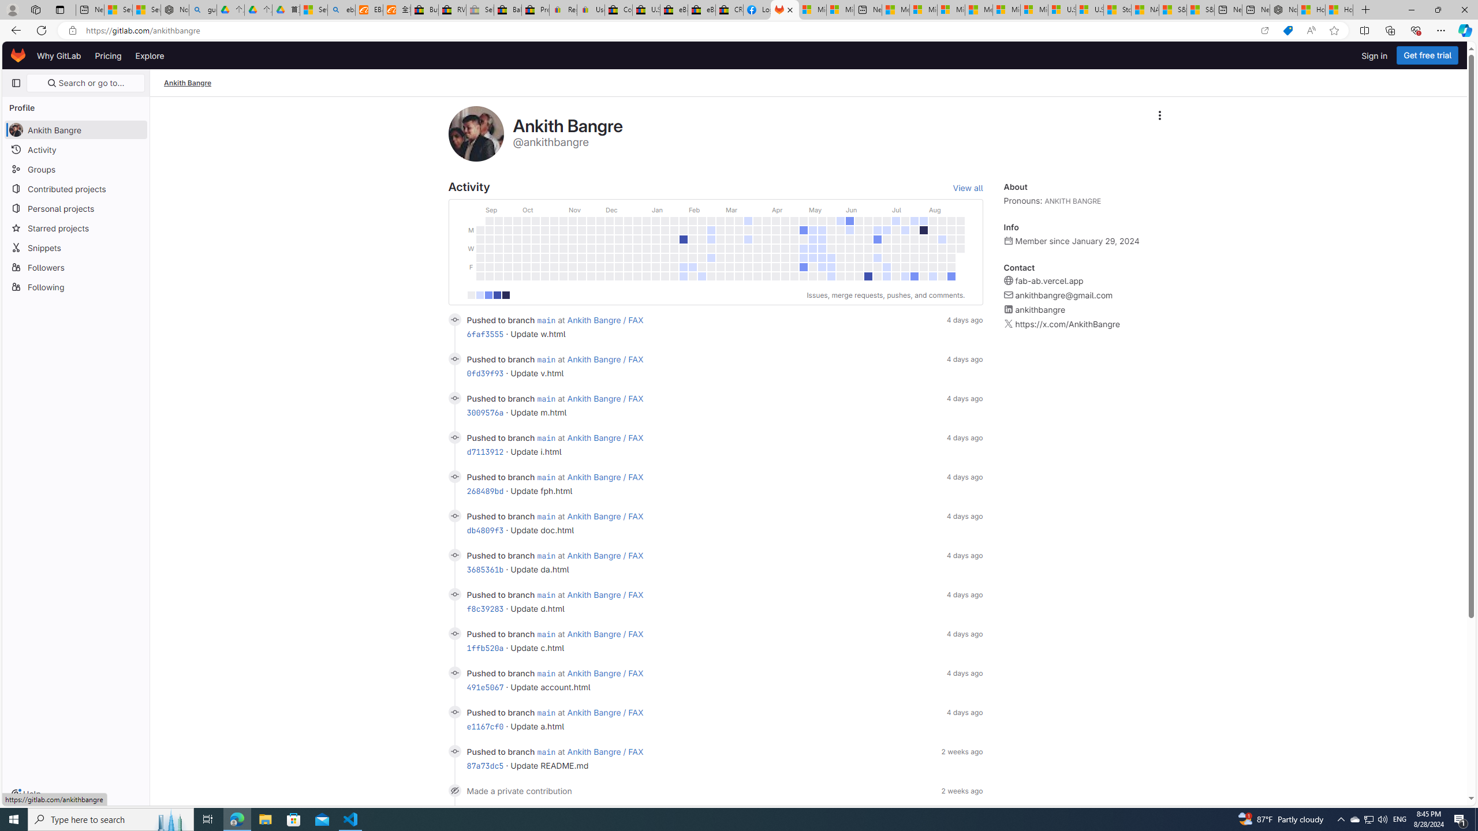 The height and width of the screenshot is (831, 1478). I want to click on 'Ankith Bangre / FAX', so click(605, 751).